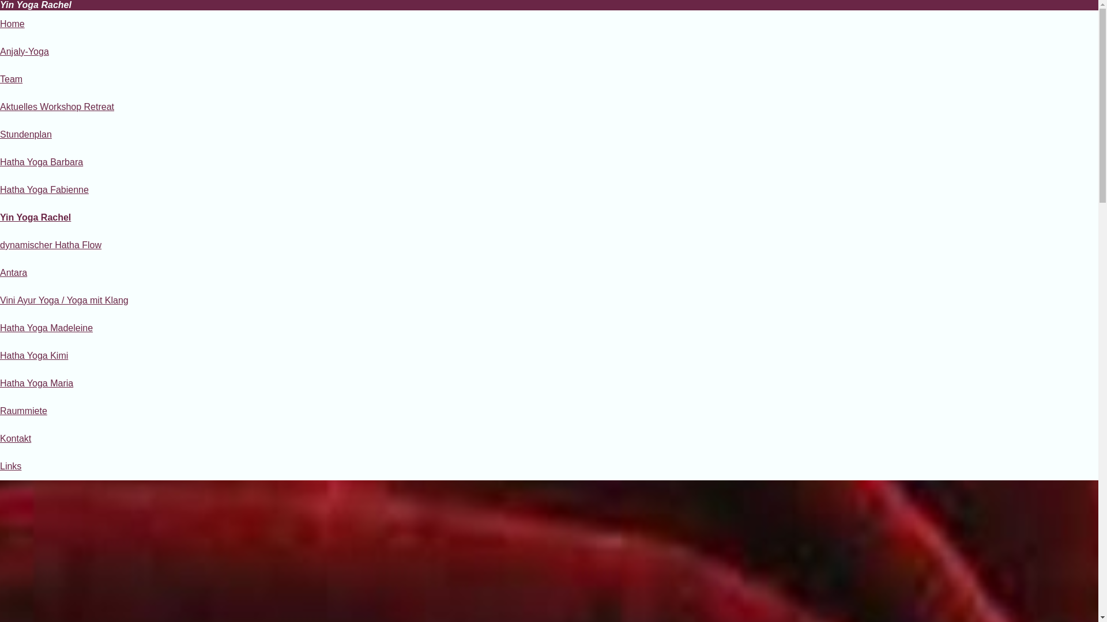 This screenshot has height=622, width=1107. I want to click on 'Aktuelles Workshop Retreat', so click(57, 107).